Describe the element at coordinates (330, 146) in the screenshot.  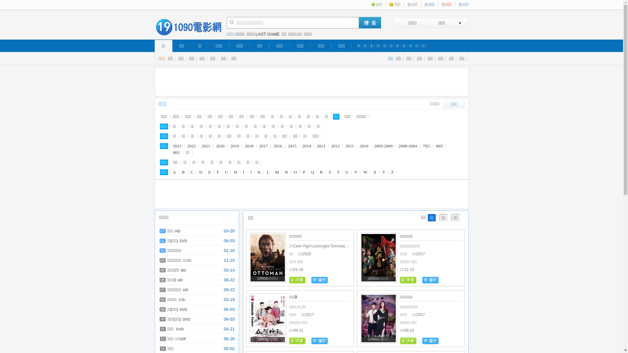
I see `'2012'` at that location.